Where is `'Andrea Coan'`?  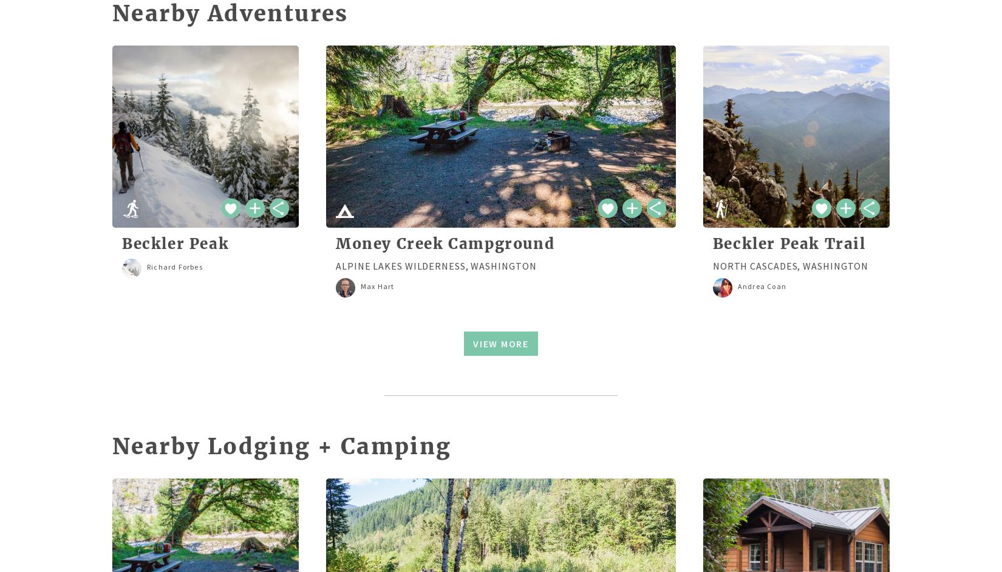
'Andrea Coan' is located at coordinates (761, 286).